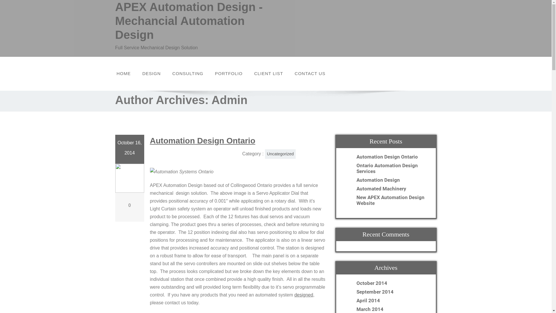  I want to click on 'October 2014', so click(370, 282).